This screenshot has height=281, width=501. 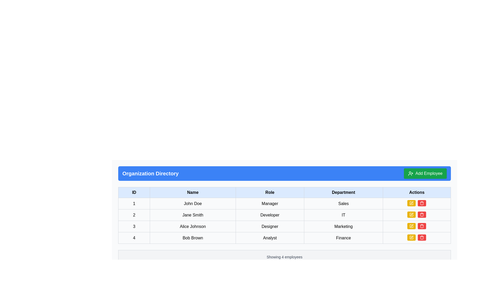 I want to click on the small yellow pen icon located in the 'Actions' column of the data table, so click(x=412, y=202).